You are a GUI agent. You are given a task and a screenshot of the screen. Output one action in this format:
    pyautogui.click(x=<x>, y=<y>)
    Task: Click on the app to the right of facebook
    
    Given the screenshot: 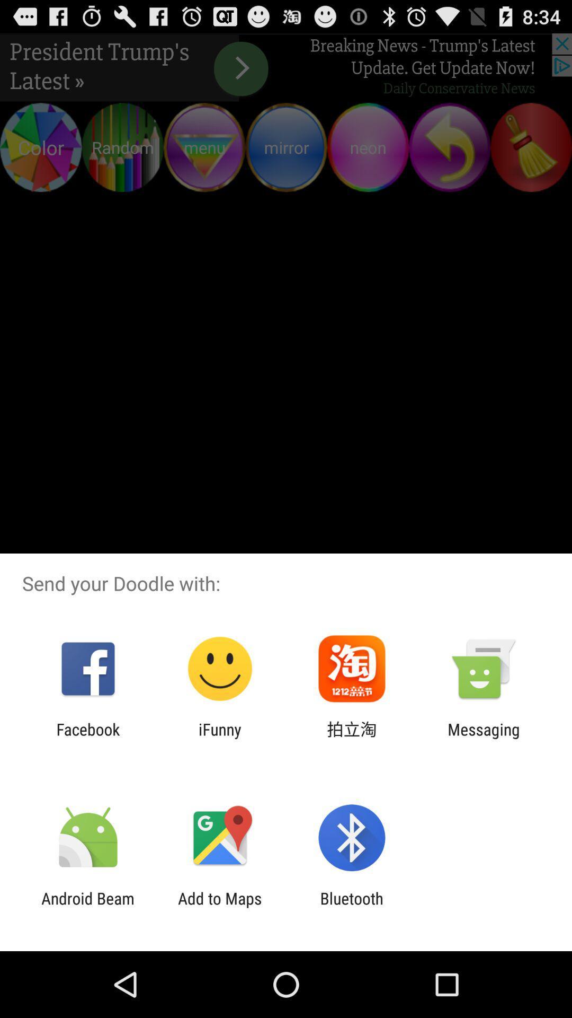 What is the action you would take?
    pyautogui.click(x=219, y=738)
    